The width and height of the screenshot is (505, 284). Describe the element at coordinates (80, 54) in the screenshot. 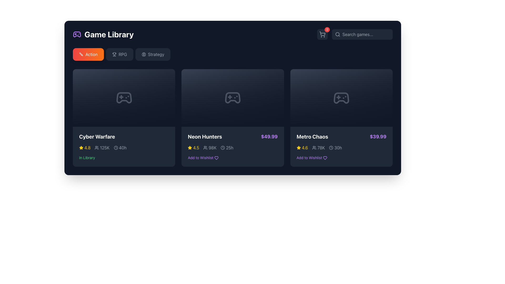

I see `the sword icon element located within the 'Action' button in the top-left section of the interface` at that location.